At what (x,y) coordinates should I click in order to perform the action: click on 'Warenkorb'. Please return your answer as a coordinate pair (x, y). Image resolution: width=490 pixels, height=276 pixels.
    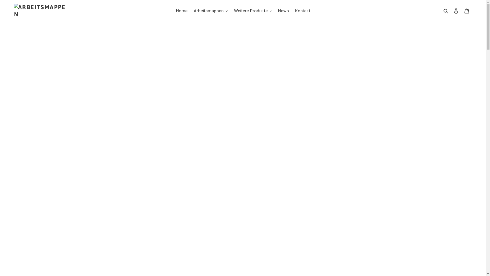
    Looking at the image, I should click on (467, 11).